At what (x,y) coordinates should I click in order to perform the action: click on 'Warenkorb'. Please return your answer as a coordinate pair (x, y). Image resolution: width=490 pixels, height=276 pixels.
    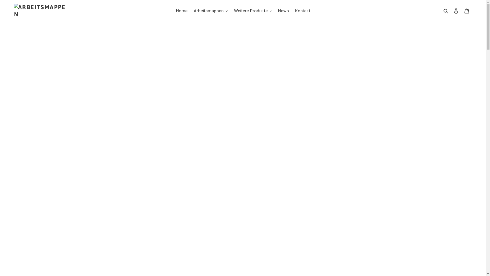
    Looking at the image, I should click on (467, 11).